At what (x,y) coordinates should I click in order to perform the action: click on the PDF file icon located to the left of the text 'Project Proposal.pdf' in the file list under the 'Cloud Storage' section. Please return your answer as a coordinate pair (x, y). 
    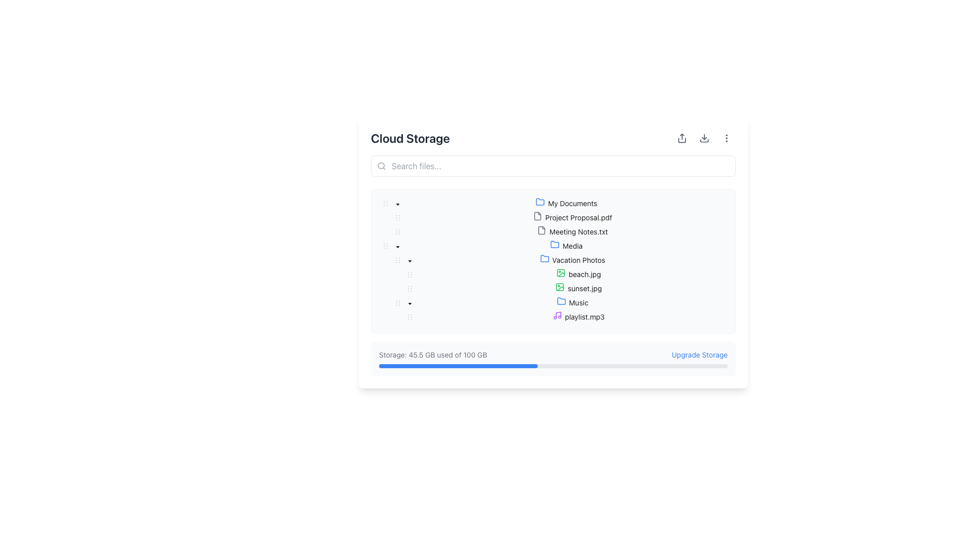
    Looking at the image, I should click on (537, 216).